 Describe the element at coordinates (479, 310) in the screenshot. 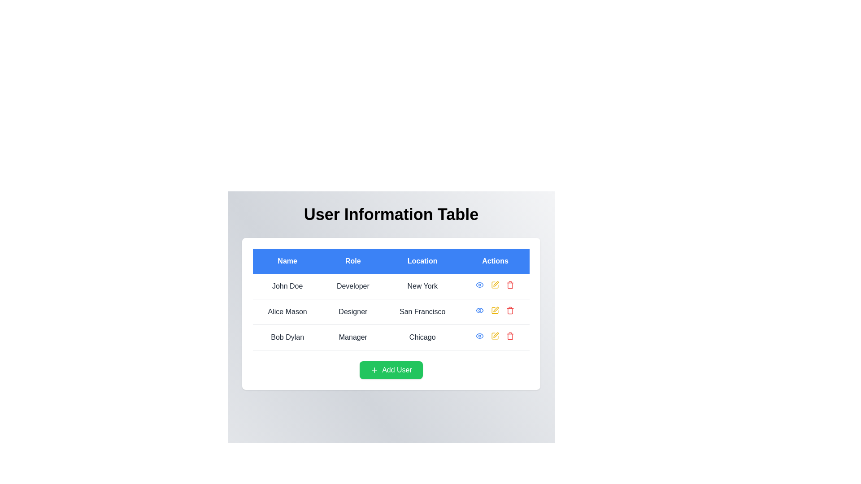

I see `the Icon button in the 'Actions' column of the second row of the user information table to change its color to a darker blue` at that location.